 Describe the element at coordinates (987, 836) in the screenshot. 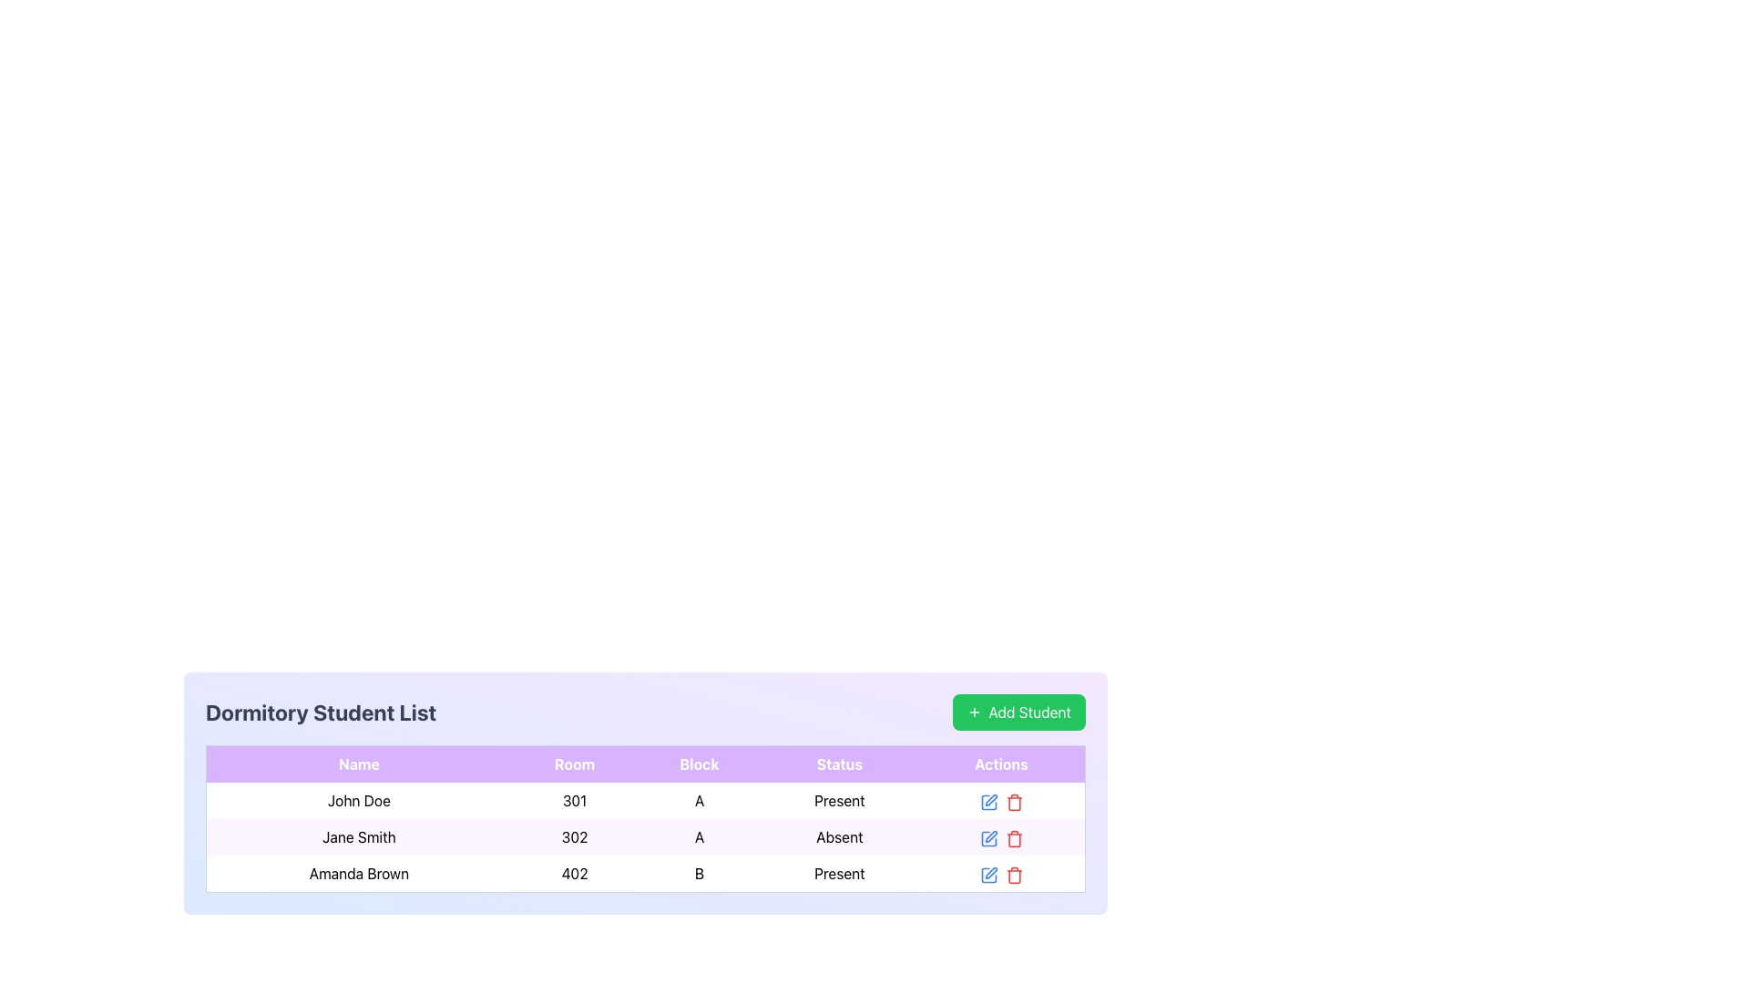

I see `the blue pen icon button in the 'Actions' column of the second row to initiate editing` at that location.